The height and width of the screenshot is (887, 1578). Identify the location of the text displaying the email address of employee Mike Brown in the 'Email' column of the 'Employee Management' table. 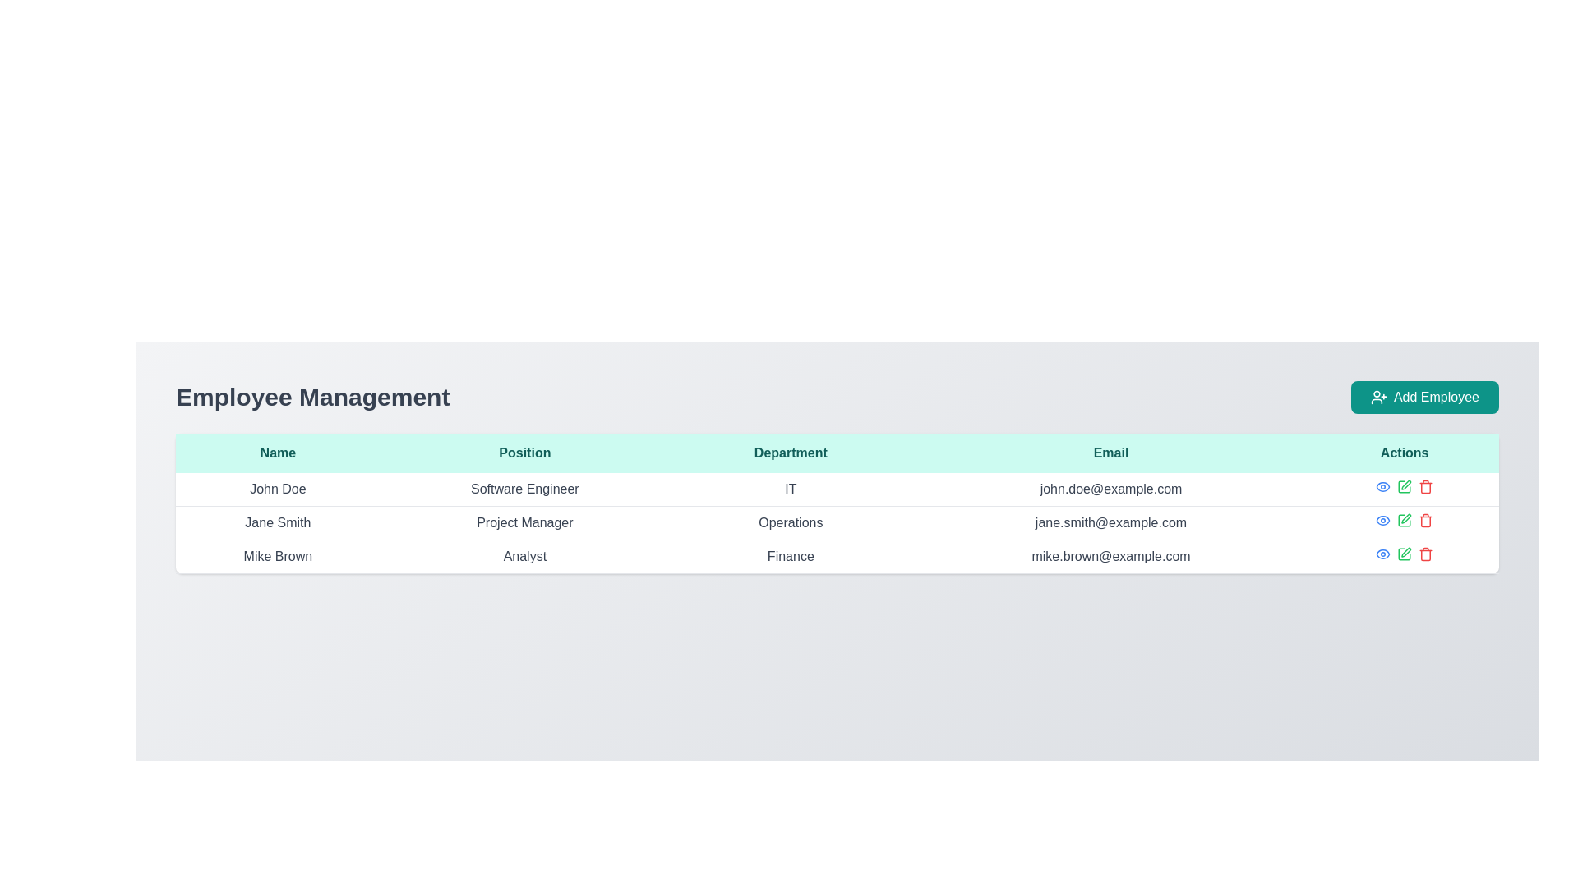
(1111, 556).